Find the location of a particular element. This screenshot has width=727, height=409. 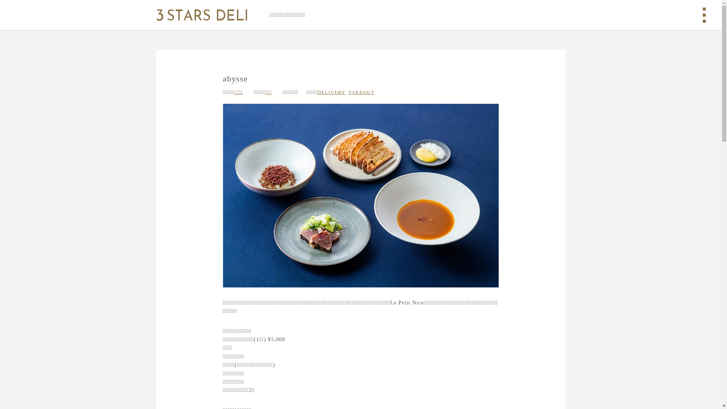

'TAKEOUT' is located at coordinates (361, 92).